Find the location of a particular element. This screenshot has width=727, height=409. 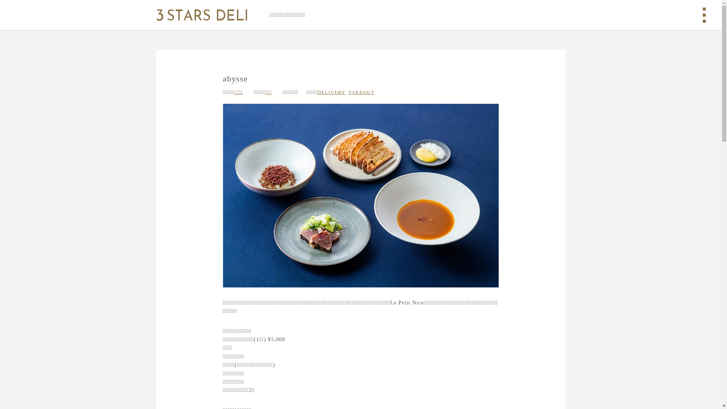

'TAKEOUT' is located at coordinates (361, 92).